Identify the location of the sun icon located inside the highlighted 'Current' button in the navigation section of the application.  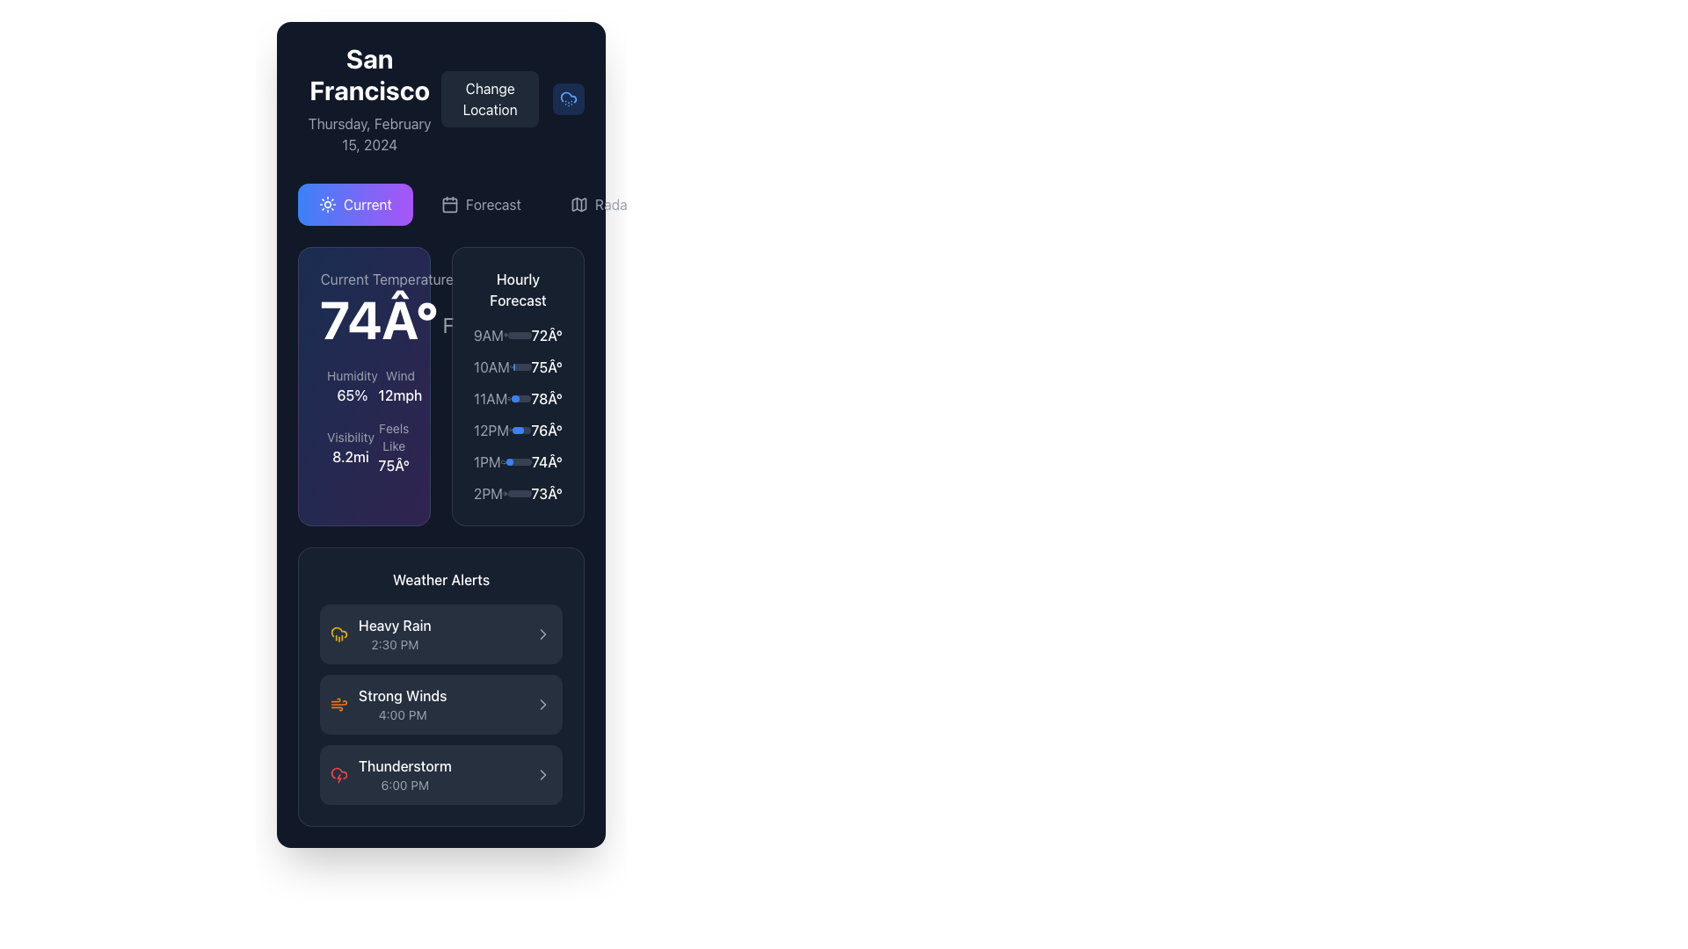
(328, 203).